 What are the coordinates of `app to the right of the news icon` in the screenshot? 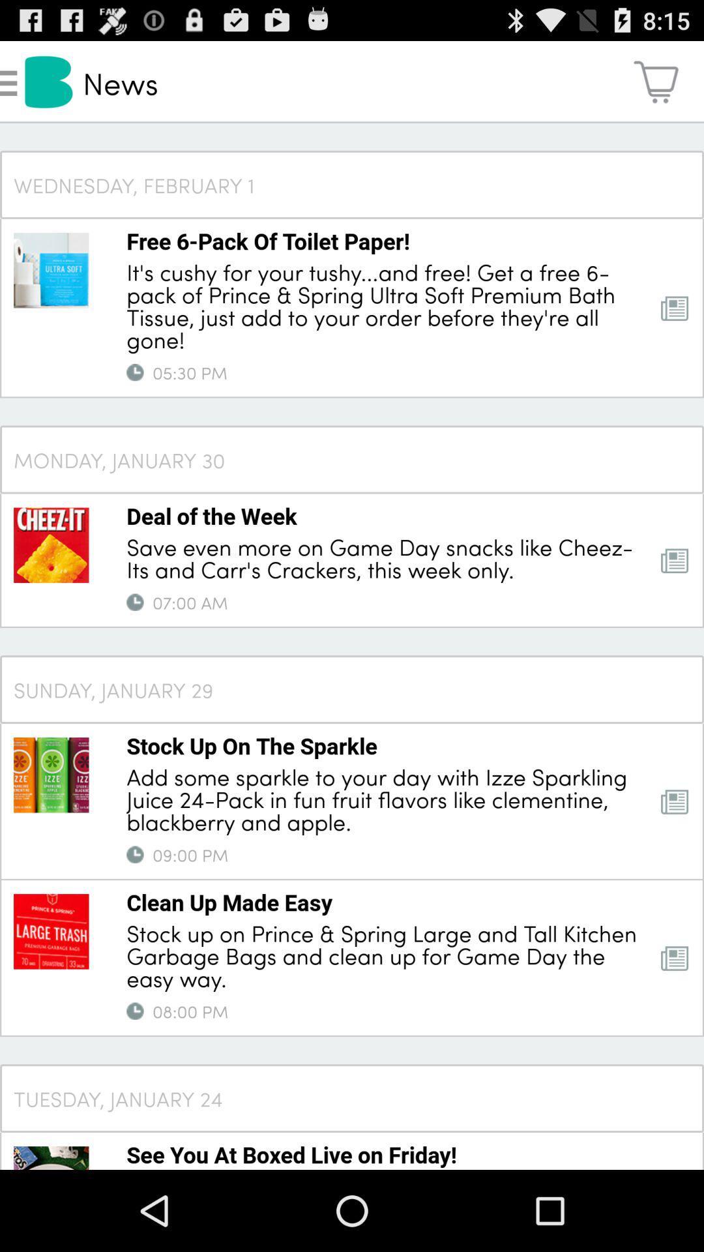 It's located at (656, 81).